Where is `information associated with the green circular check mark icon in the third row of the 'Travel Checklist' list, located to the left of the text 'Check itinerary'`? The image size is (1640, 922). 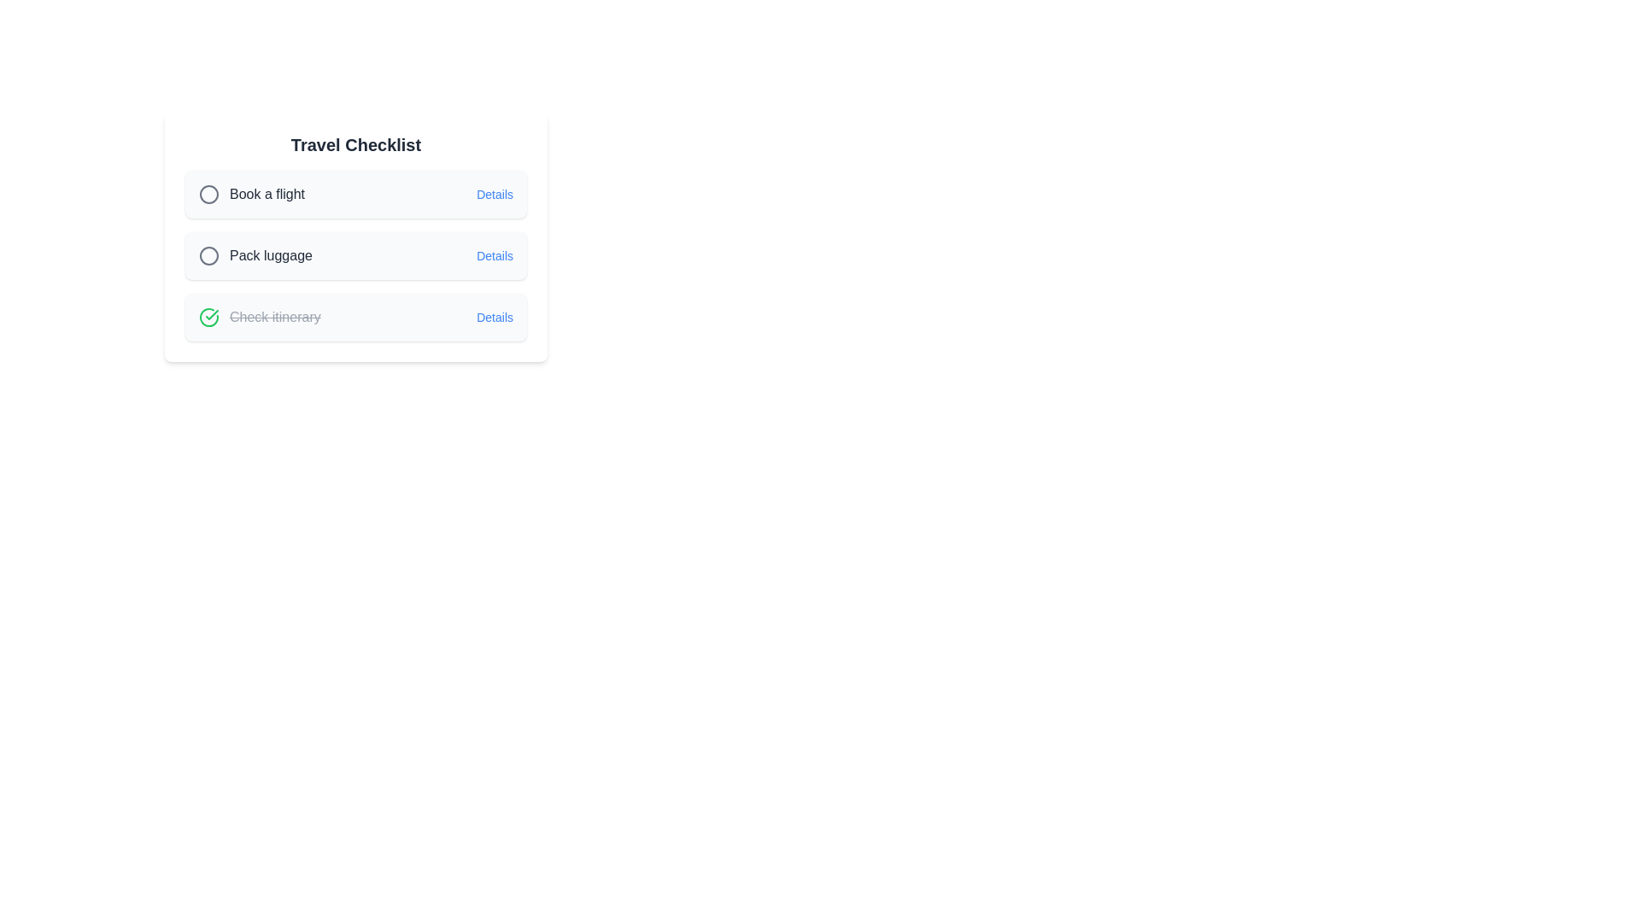 information associated with the green circular check mark icon in the third row of the 'Travel Checklist' list, located to the left of the text 'Check itinerary' is located at coordinates (208, 317).